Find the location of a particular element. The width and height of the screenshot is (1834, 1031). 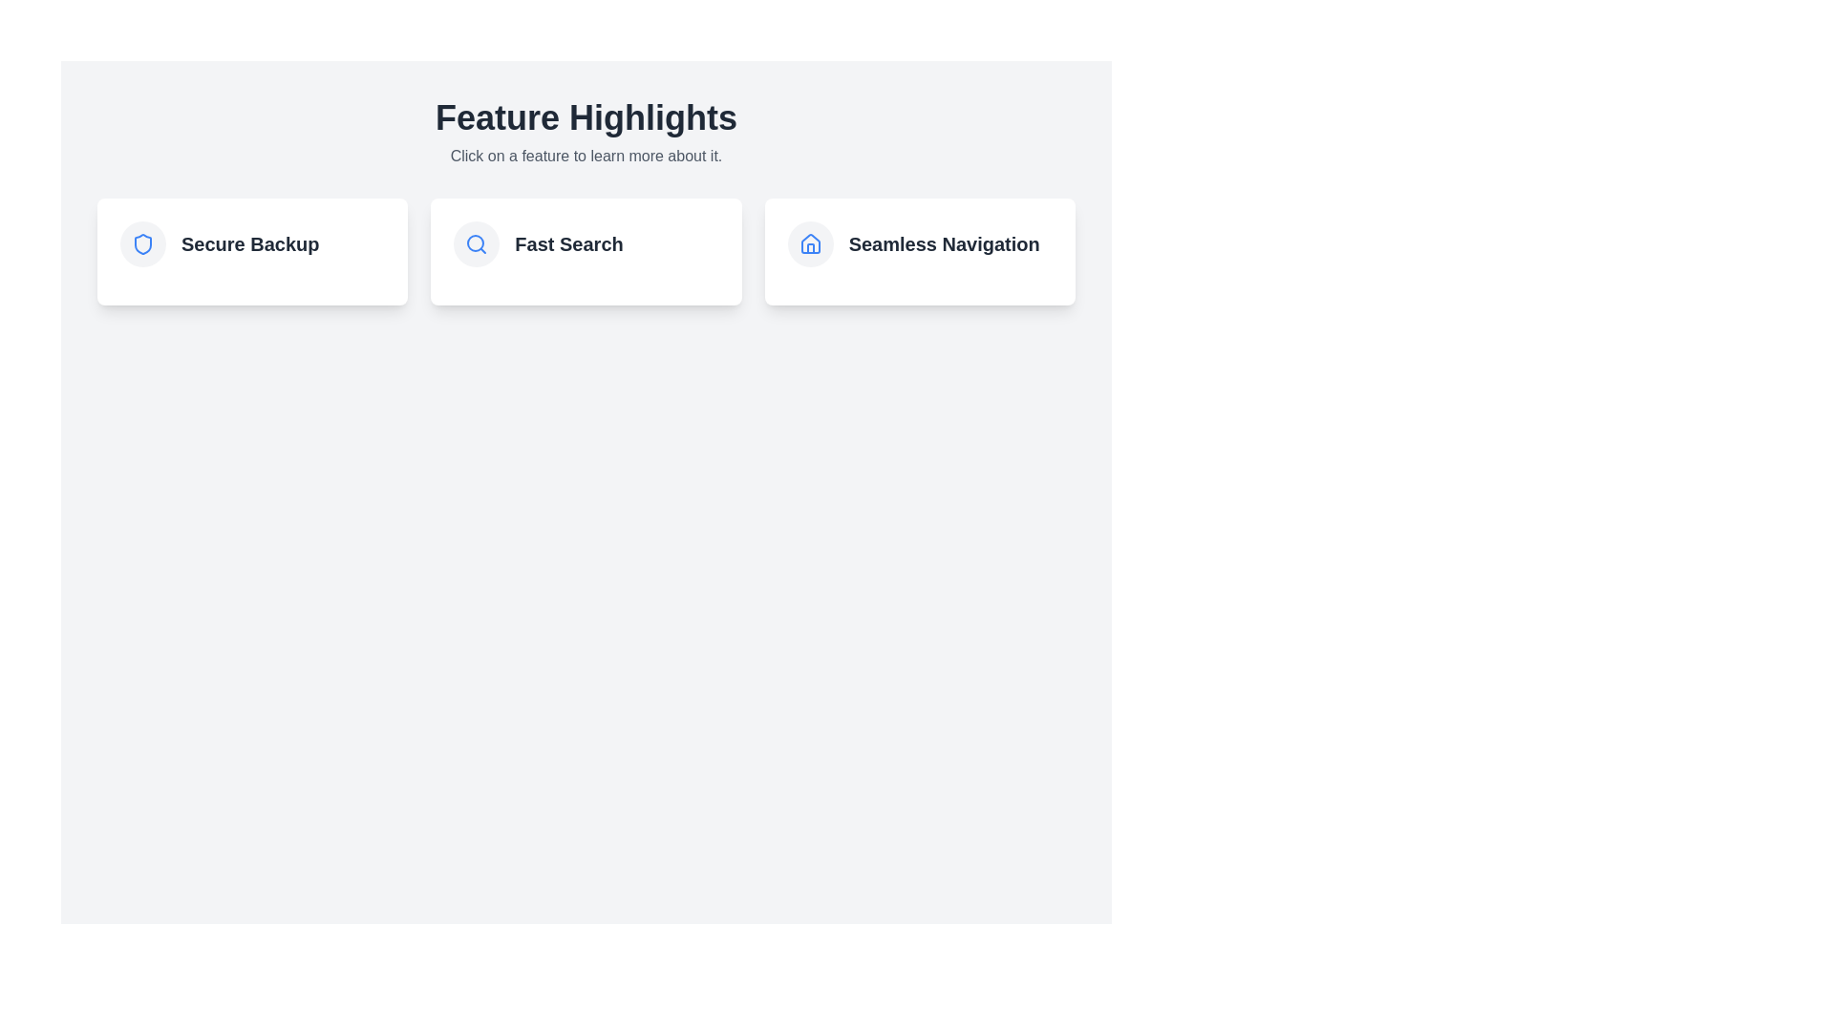

the sharp-edged shield icon with a blue outline, located within the gray circular button in the 'Secure Backup' card of the 'Feature Highlights' section is located at coordinates (141, 242).